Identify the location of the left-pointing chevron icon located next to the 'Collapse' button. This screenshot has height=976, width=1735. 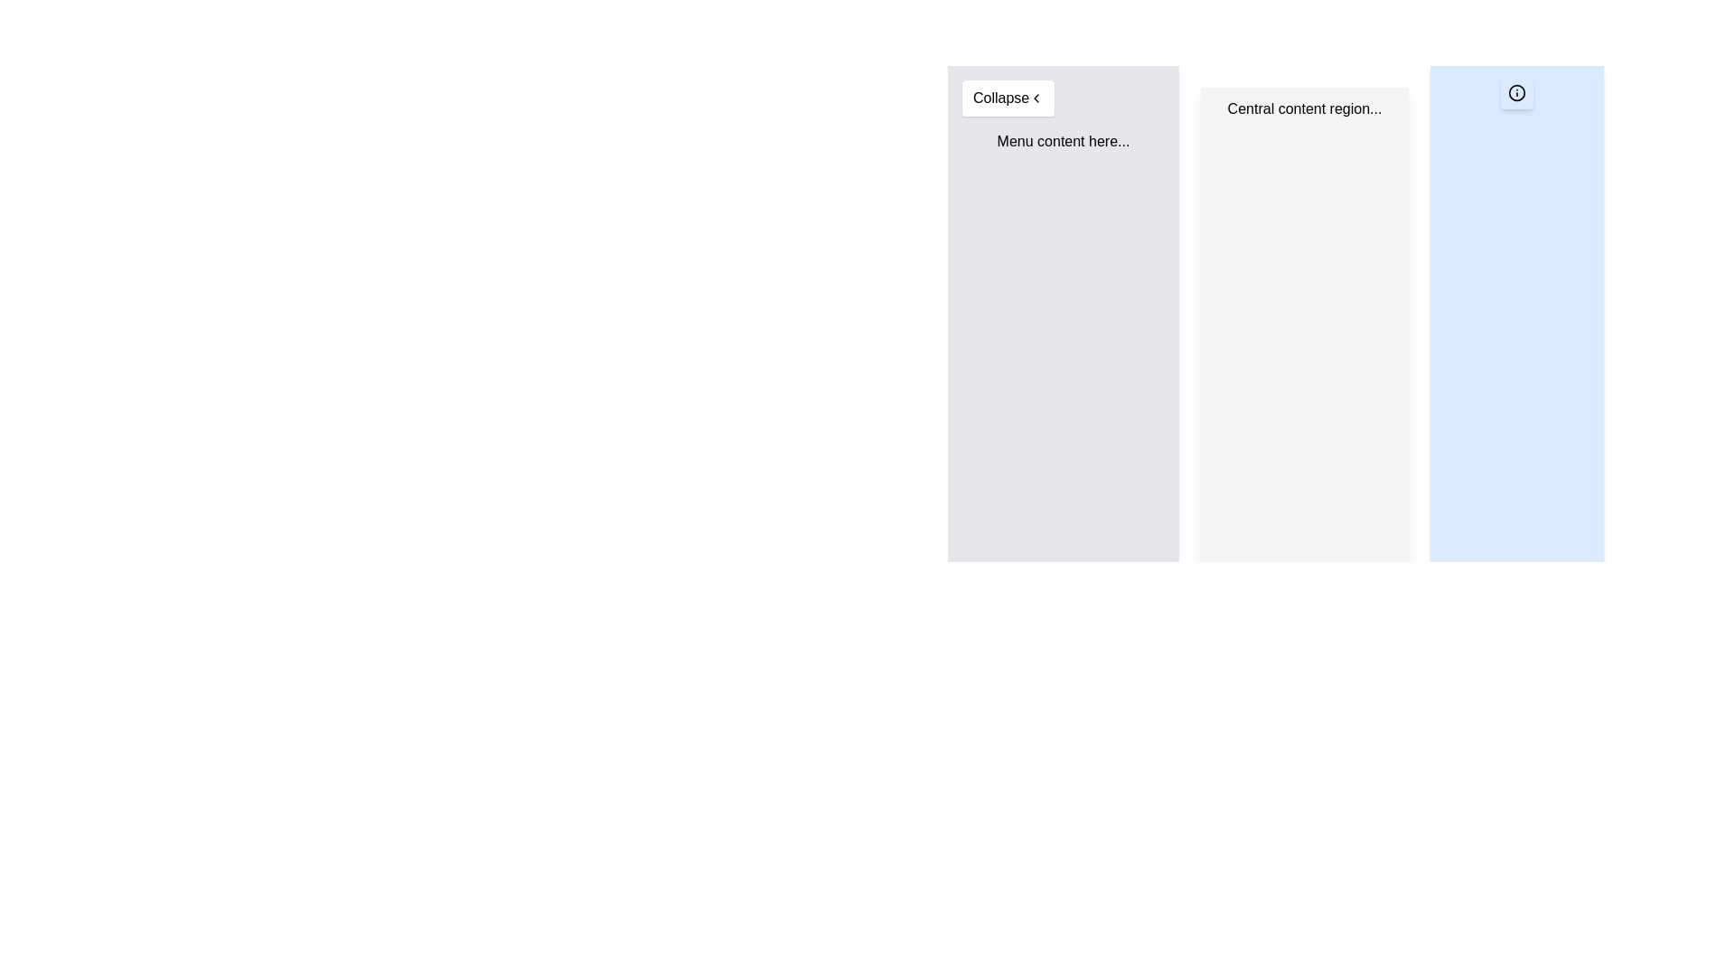
(1036, 98).